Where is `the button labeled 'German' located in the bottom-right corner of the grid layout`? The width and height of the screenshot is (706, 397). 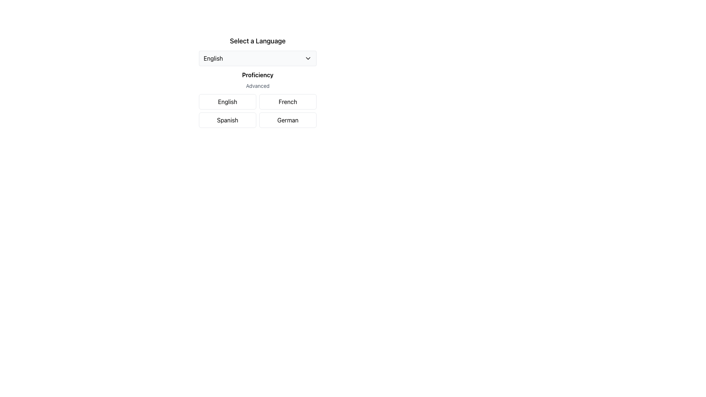
the button labeled 'German' located in the bottom-right corner of the grid layout is located at coordinates (287, 120).